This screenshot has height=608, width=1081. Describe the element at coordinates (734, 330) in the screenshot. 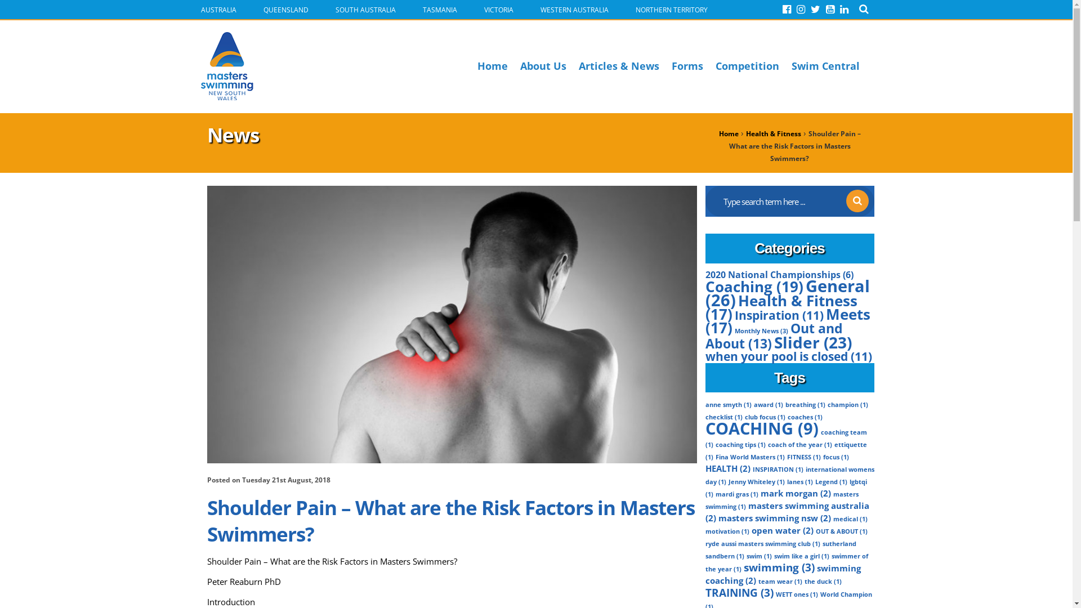

I see `'Monthly News (3)'` at that location.